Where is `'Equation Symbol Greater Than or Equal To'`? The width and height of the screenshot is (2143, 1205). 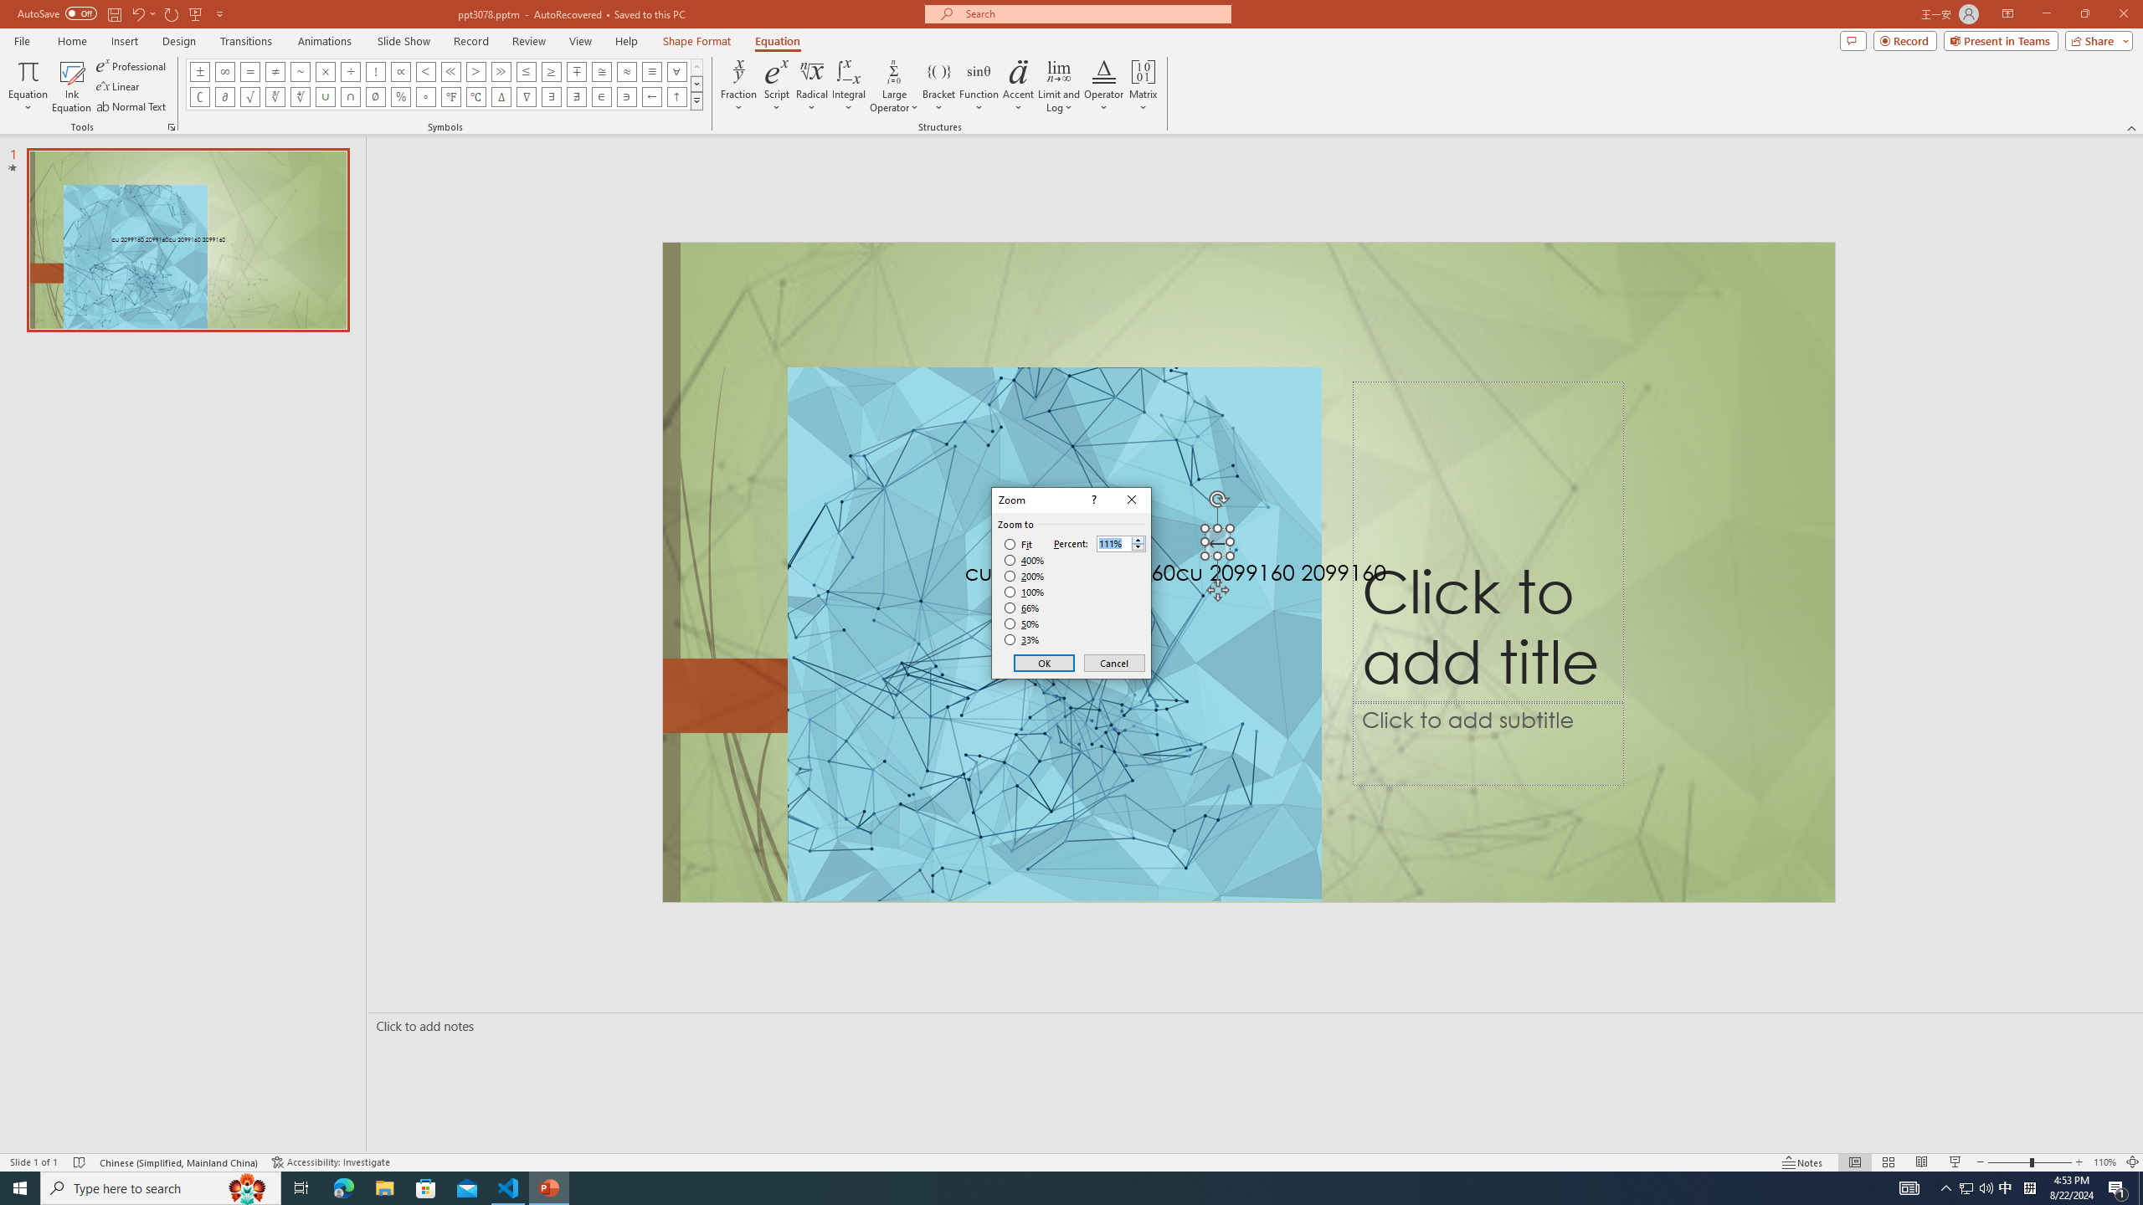 'Equation Symbol Greater Than or Equal To' is located at coordinates (552, 70).